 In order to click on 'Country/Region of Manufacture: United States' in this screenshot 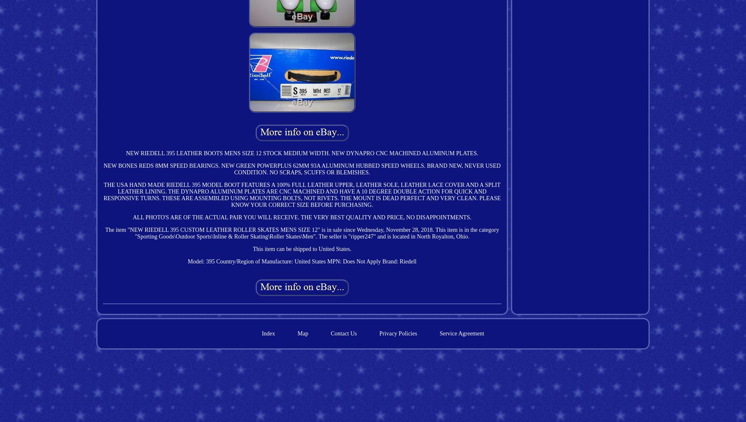, I will do `click(270, 261)`.